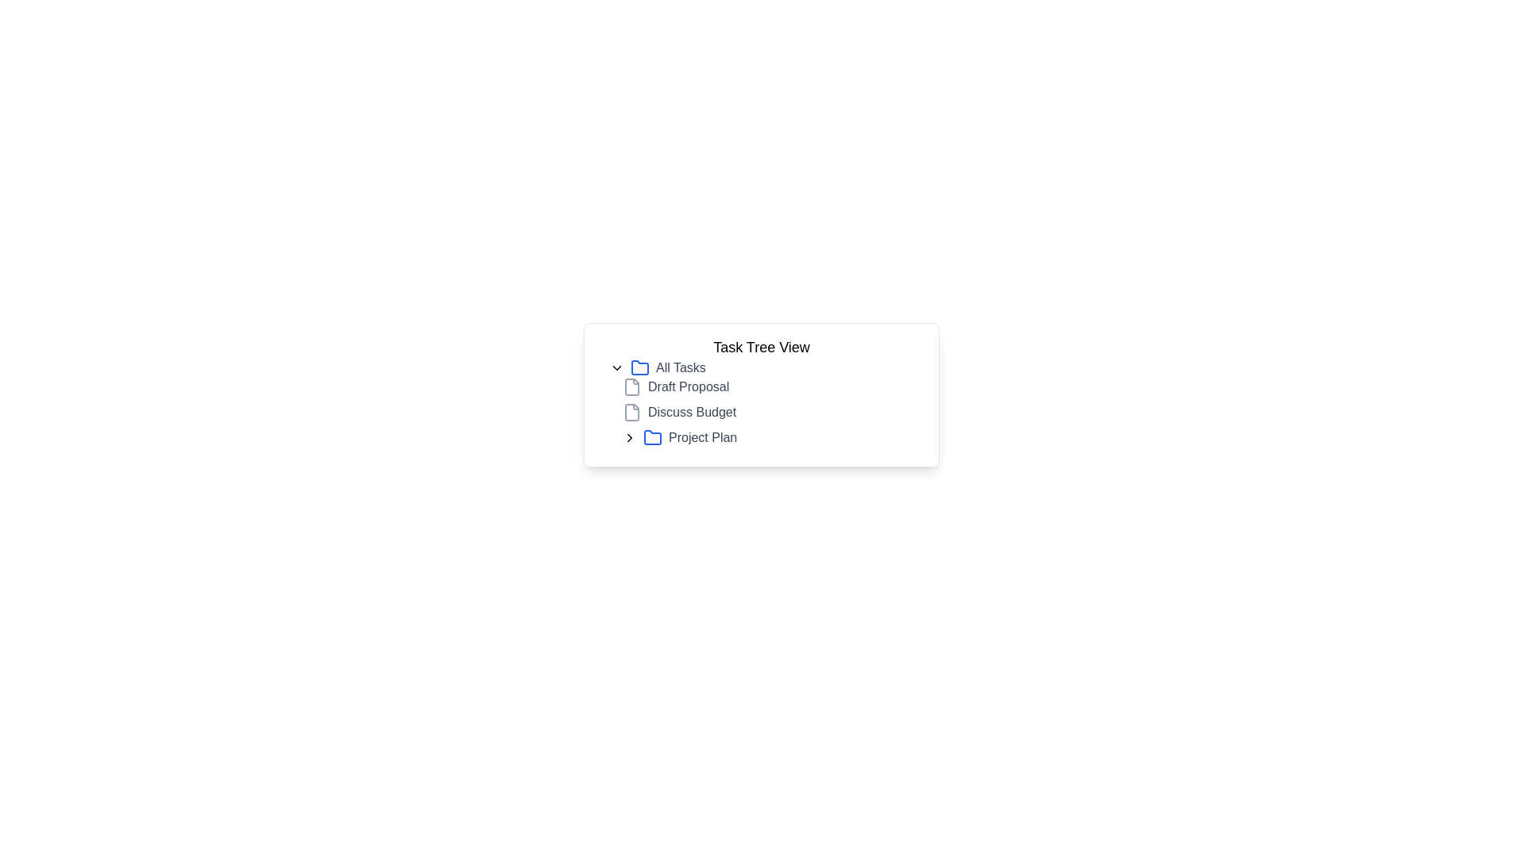  I want to click on the folder icon located to the immediate left of the text 'All Tasks' in the task tree view, so click(640, 367).